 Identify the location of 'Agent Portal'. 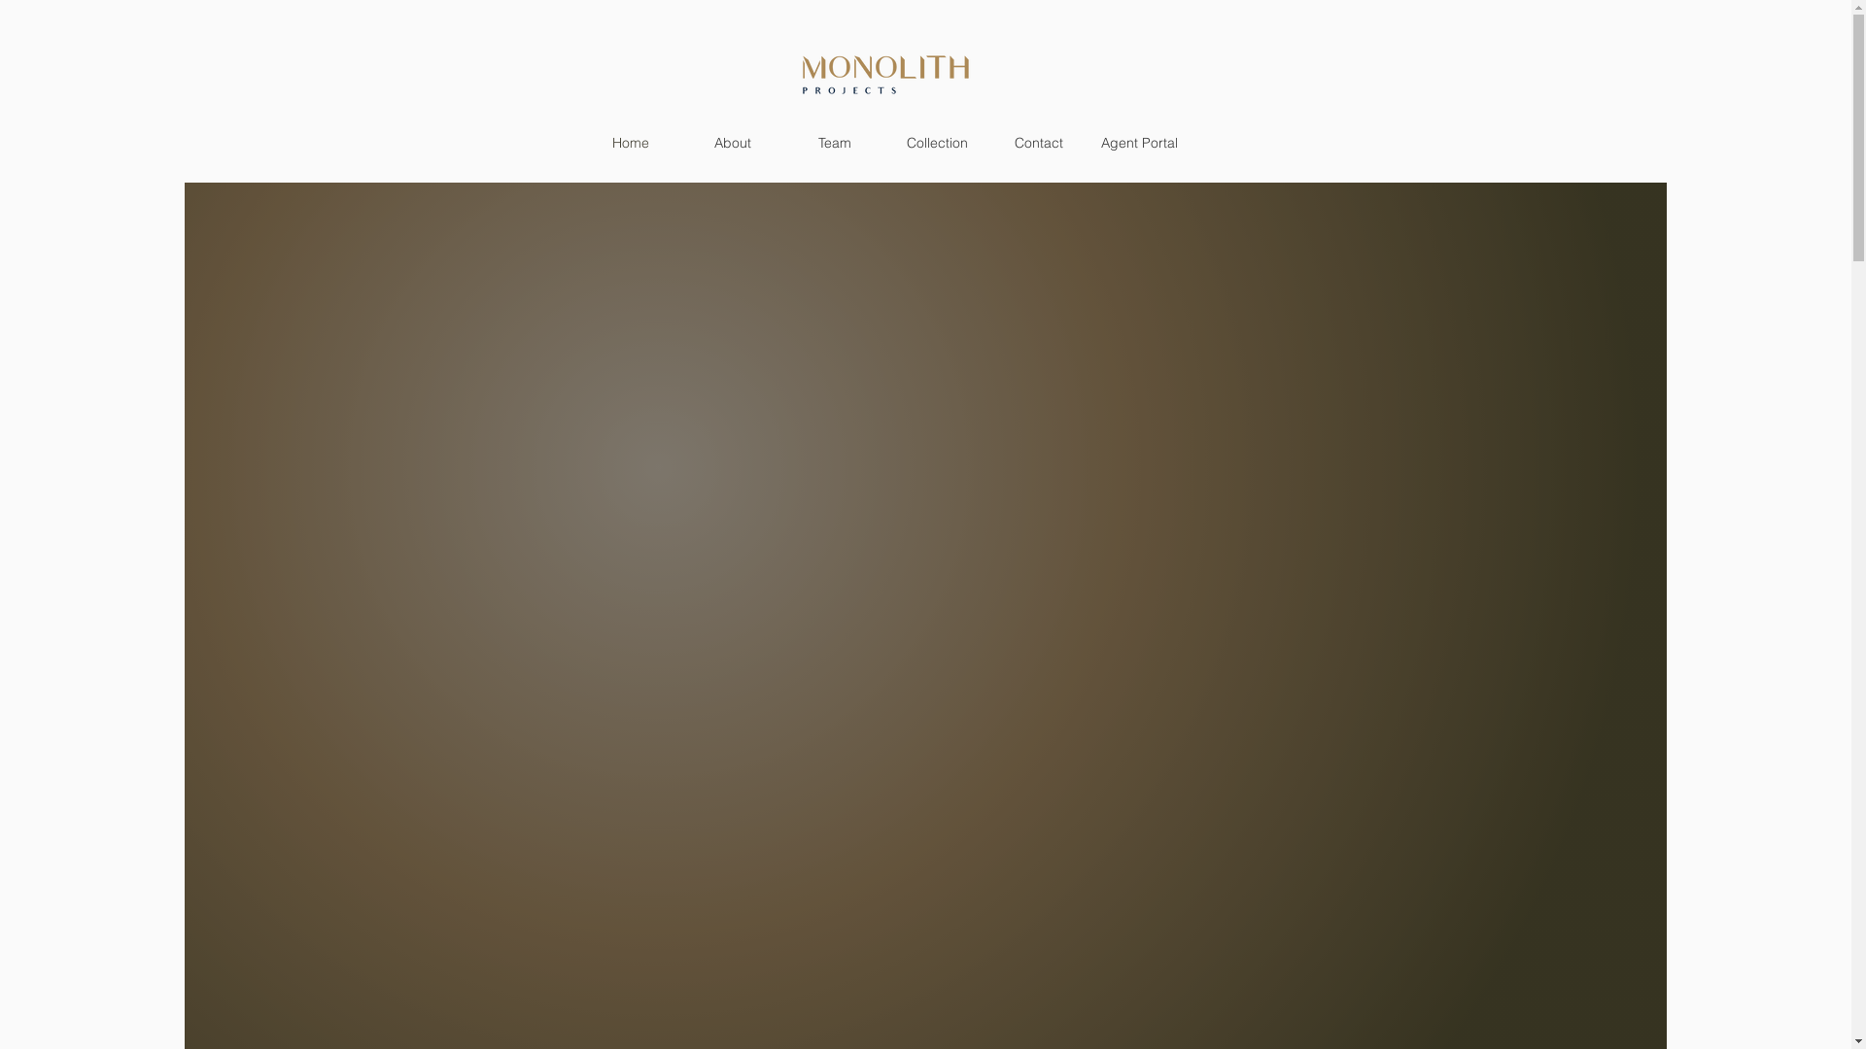
(1138, 141).